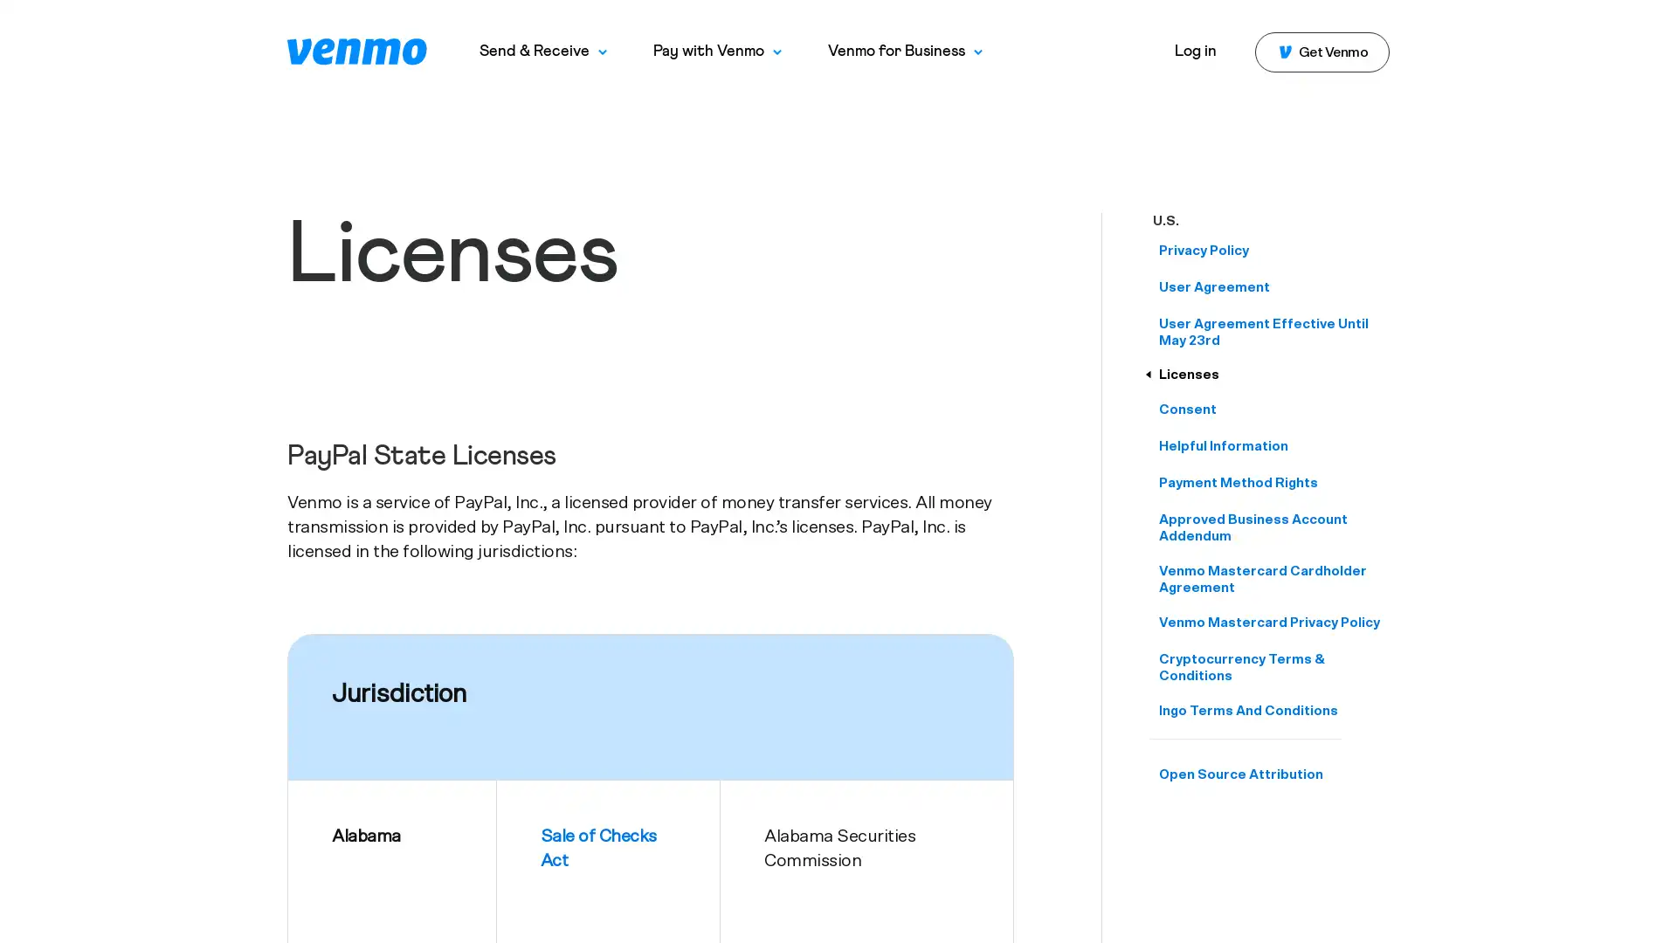  I want to click on Terms tab name - Venmo Mastercard Privacy Policy, so click(1273, 622).